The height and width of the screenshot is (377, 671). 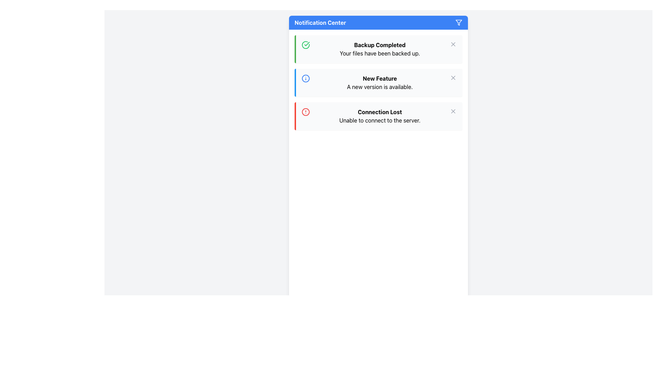 What do you see at coordinates (459, 22) in the screenshot?
I see `the Funnel Icon located in the blue header labeled 'Notification Center'` at bounding box center [459, 22].